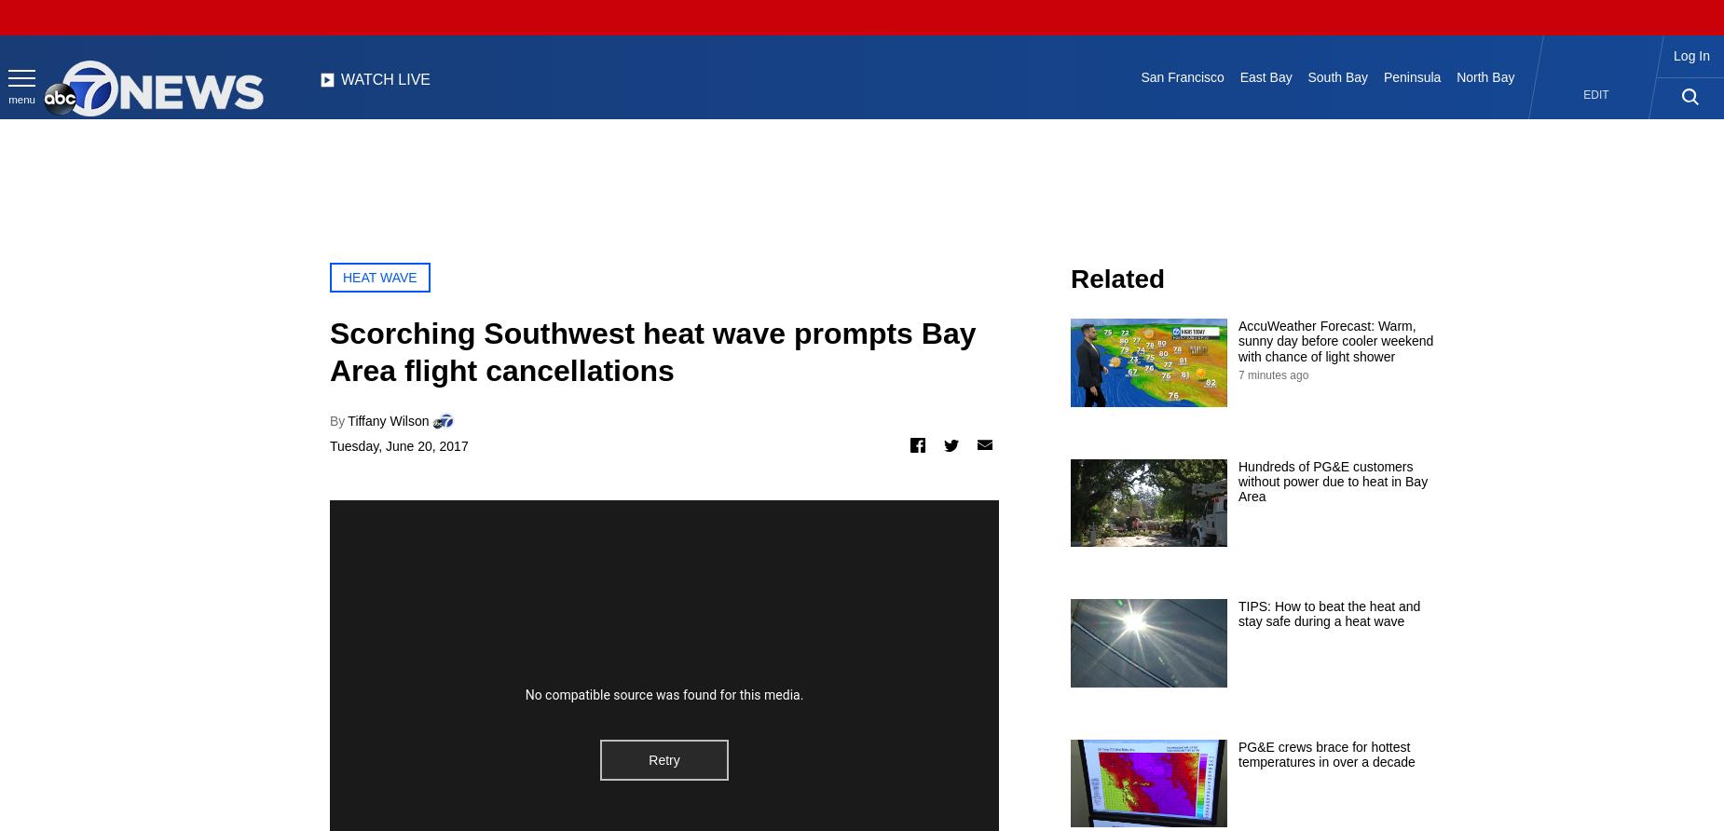 This screenshot has height=831, width=1724. Describe the element at coordinates (1691, 56) in the screenshot. I see `'Log In'` at that location.